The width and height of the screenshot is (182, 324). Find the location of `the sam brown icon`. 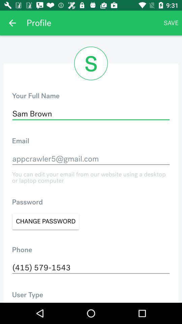

the sam brown icon is located at coordinates (91, 114).